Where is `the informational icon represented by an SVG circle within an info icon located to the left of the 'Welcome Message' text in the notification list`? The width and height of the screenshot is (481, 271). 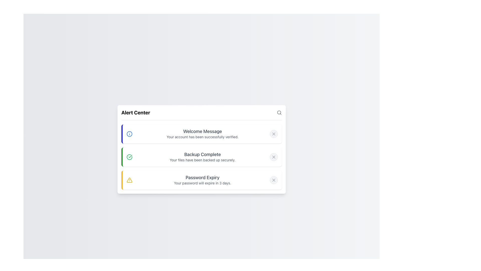
the informational icon represented by an SVG circle within an info icon located to the left of the 'Welcome Message' text in the notification list is located at coordinates (129, 133).